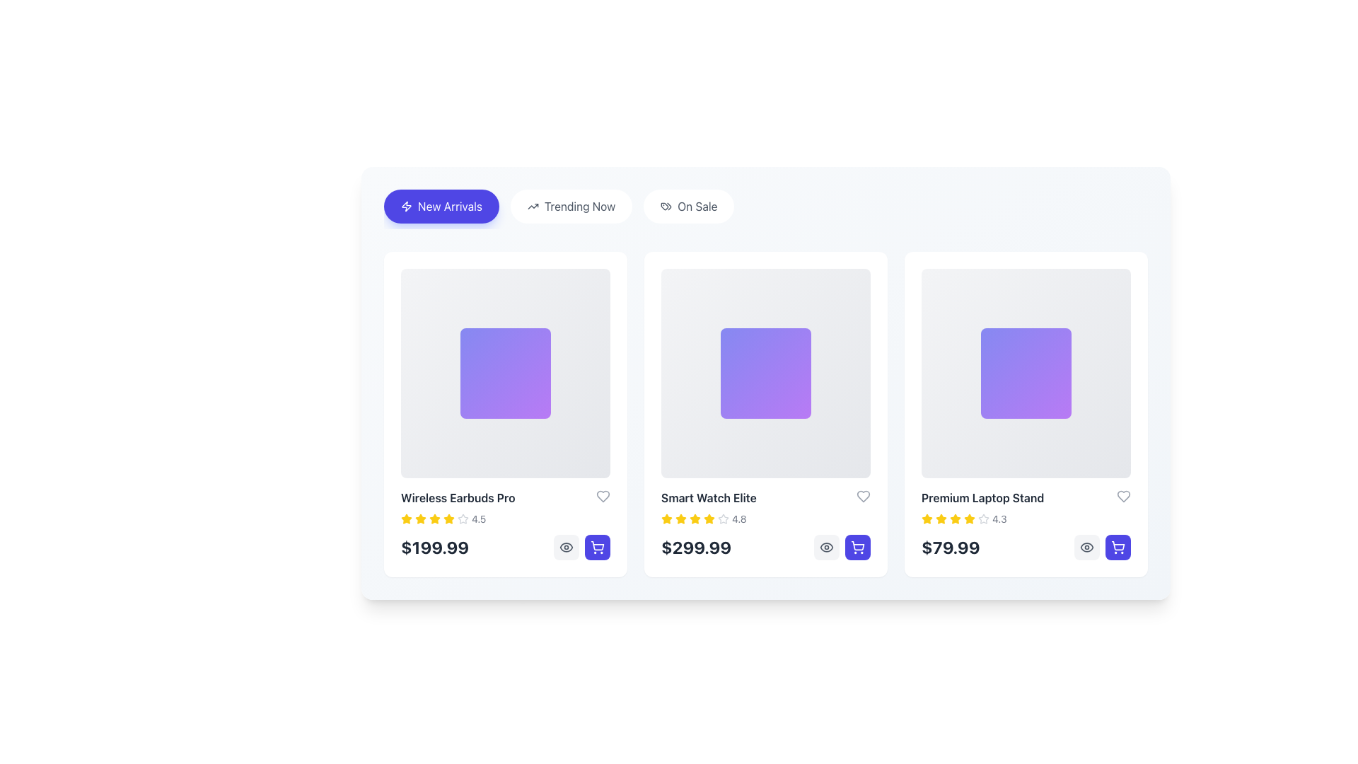  What do you see at coordinates (827, 547) in the screenshot?
I see `the button located in the second product card, below the product price and ratings, to enable keyboard navigation` at bounding box center [827, 547].